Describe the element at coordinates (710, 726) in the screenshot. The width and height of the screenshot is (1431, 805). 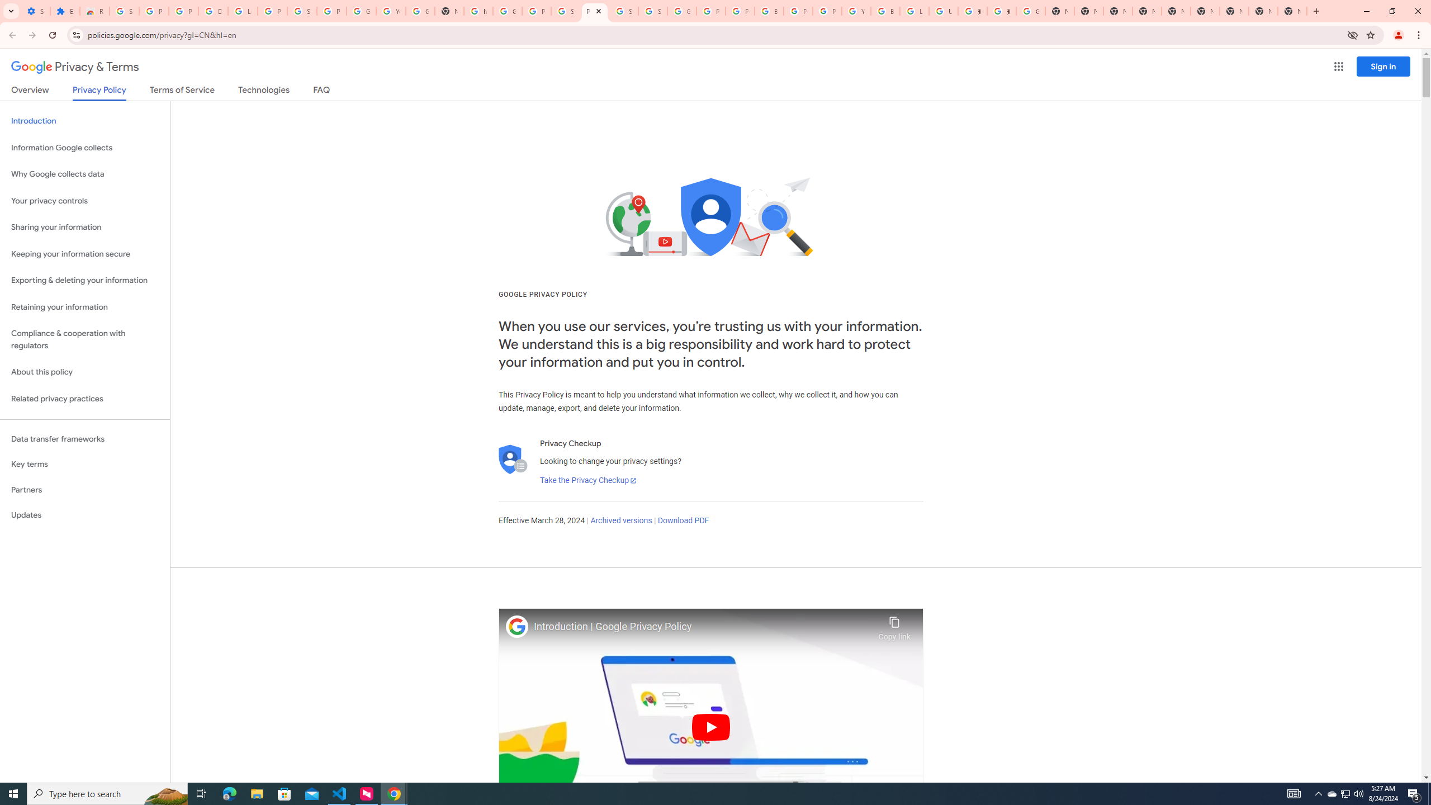
I see `'Play'` at that location.